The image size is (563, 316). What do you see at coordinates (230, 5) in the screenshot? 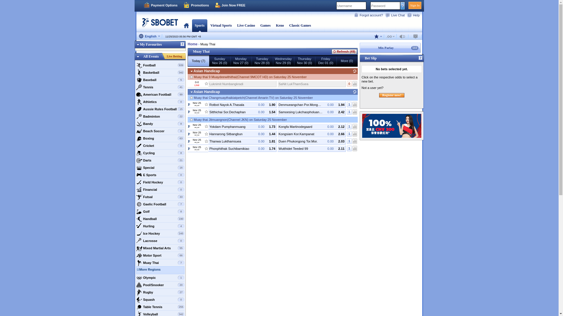
I see `'Join Now FREE'` at bounding box center [230, 5].